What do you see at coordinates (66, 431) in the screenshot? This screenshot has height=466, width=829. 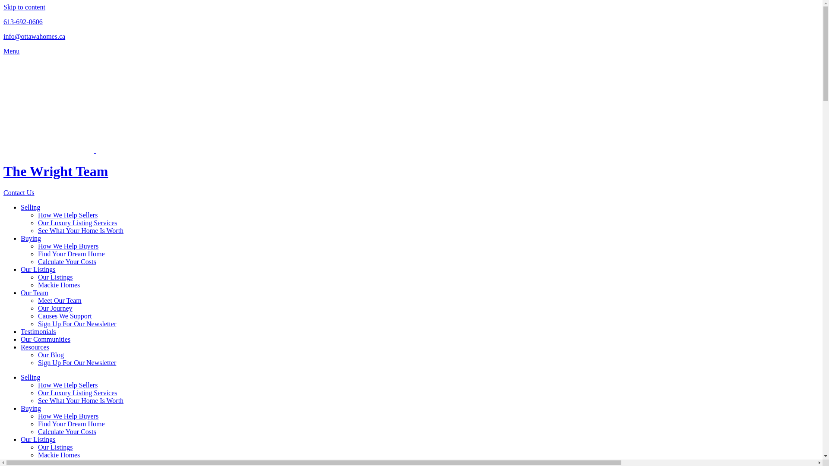 I see `'Calculate Your Costs'` at bounding box center [66, 431].